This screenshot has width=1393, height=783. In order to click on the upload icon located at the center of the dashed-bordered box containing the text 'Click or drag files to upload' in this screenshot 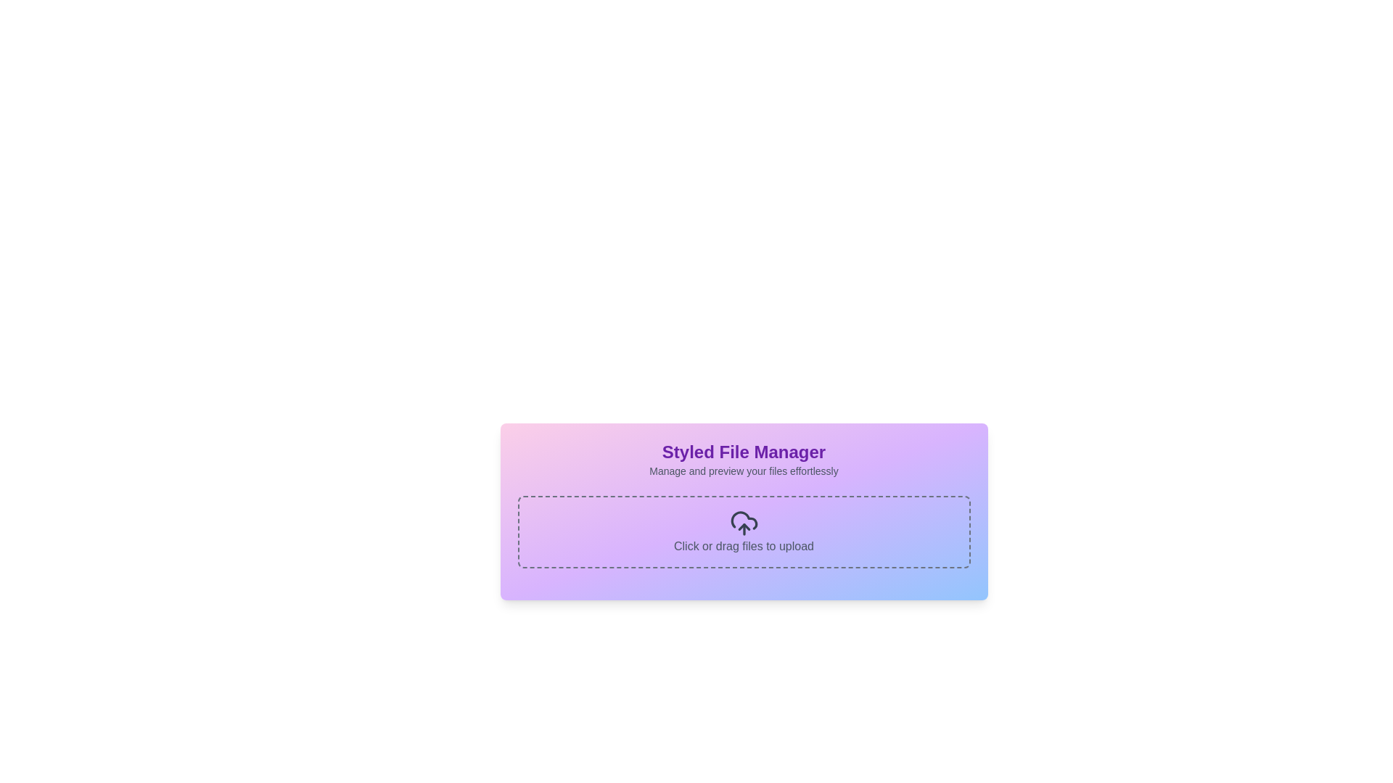, I will do `click(744, 523)`.